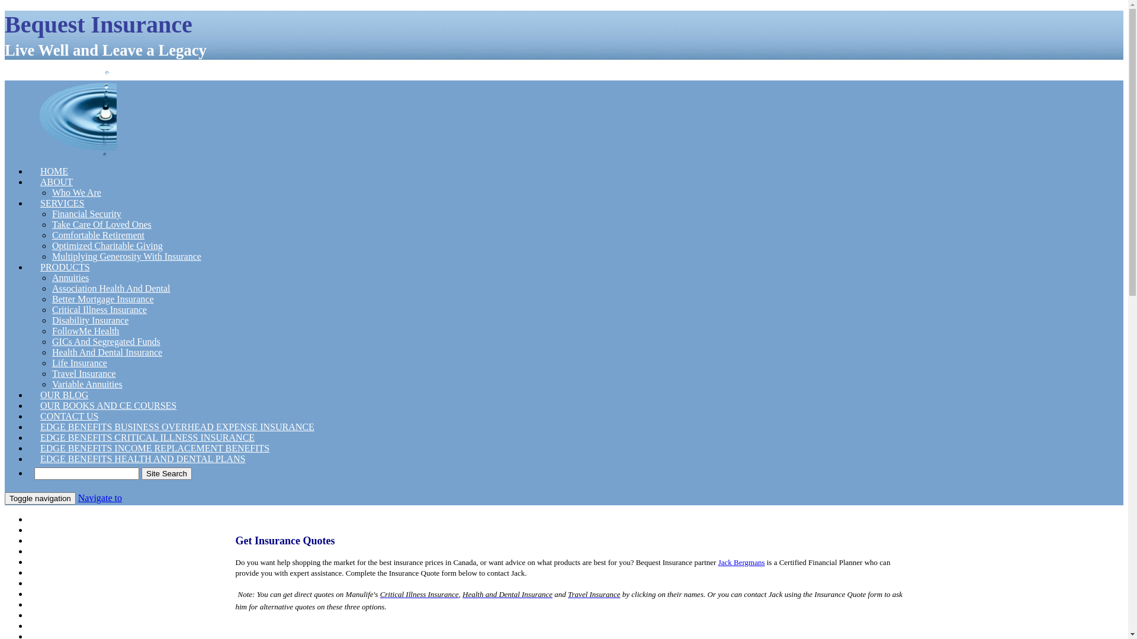 The height and width of the screenshot is (639, 1137). I want to click on 'Jack Bergmans', so click(741, 561).